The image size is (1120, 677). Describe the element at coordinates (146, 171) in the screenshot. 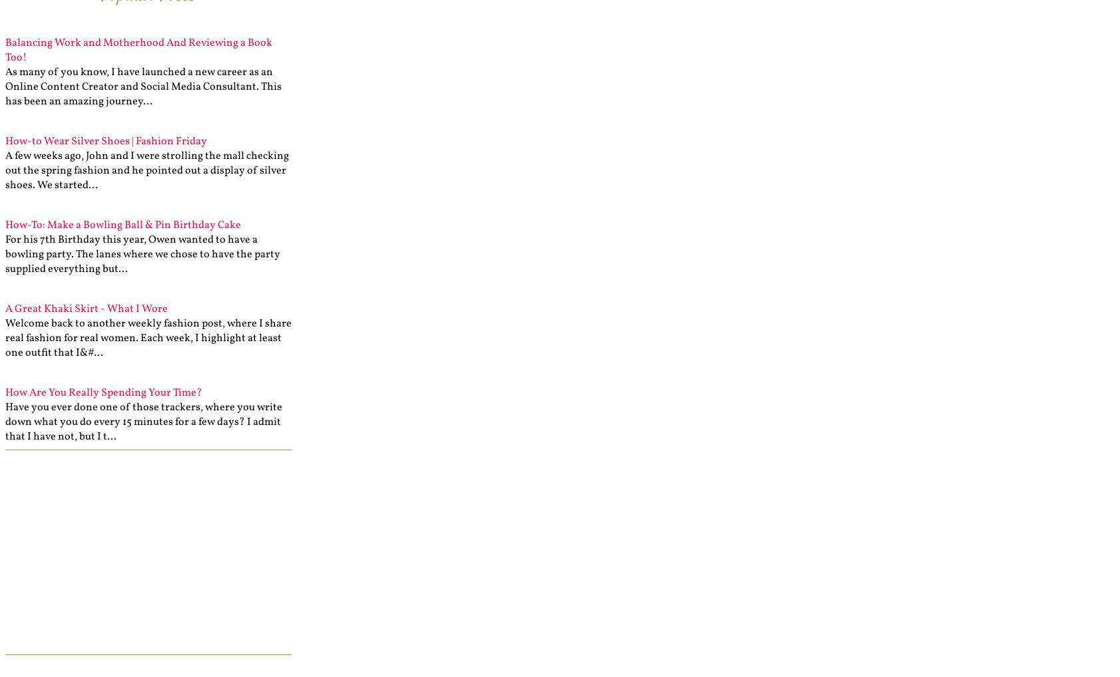

I see `'A few weeks ago, John and I were strolling the mall checking out the spring fashion and he pointed out a display of silver shoes. We started...'` at that location.